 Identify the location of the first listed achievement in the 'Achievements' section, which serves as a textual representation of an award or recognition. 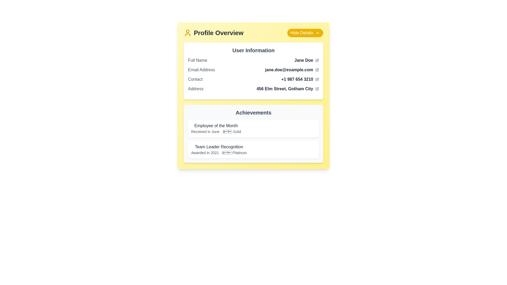
(216, 128).